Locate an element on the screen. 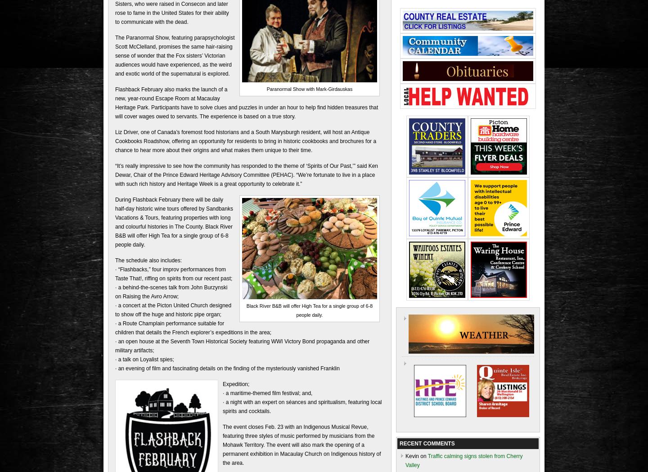 The image size is (648, 472). '· a maritime-themed film festival; and,' is located at coordinates (267, 392).